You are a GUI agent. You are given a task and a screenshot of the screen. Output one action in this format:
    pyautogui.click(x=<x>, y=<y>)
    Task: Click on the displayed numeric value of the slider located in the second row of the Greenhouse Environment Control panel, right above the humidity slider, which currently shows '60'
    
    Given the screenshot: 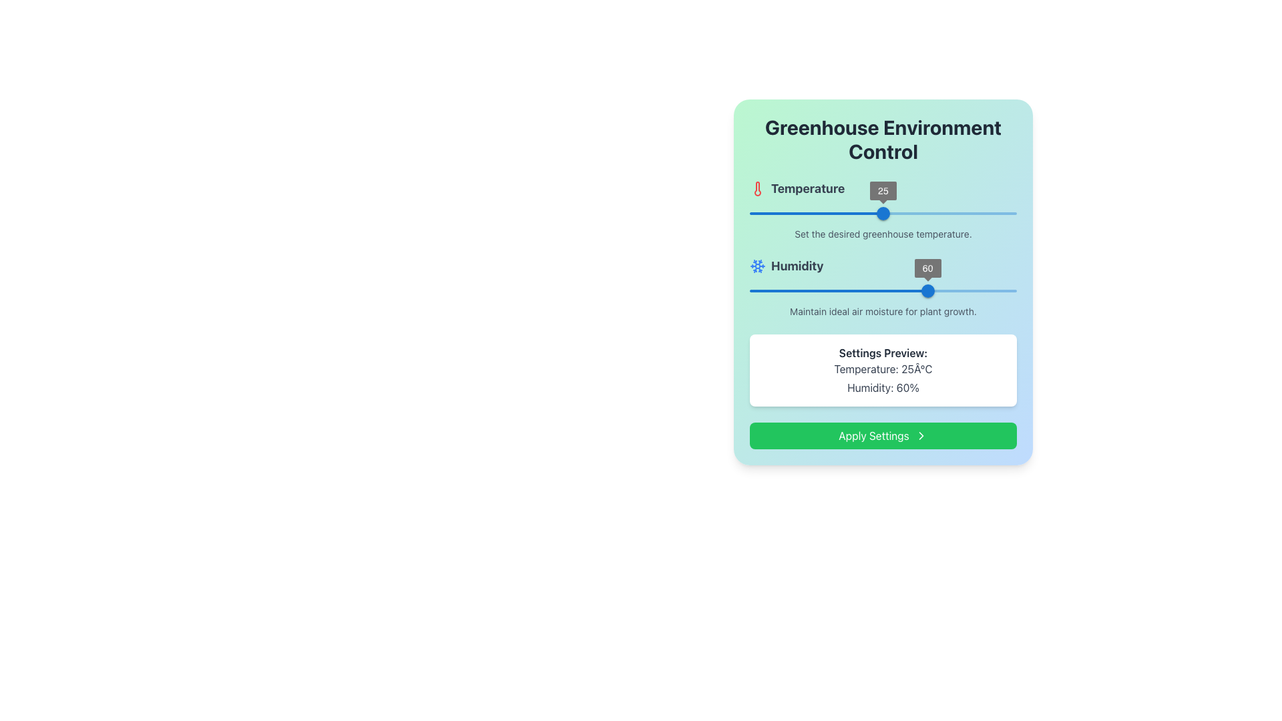 What is the action you would take?
    pyautogui.click(x=927, y=268)
    